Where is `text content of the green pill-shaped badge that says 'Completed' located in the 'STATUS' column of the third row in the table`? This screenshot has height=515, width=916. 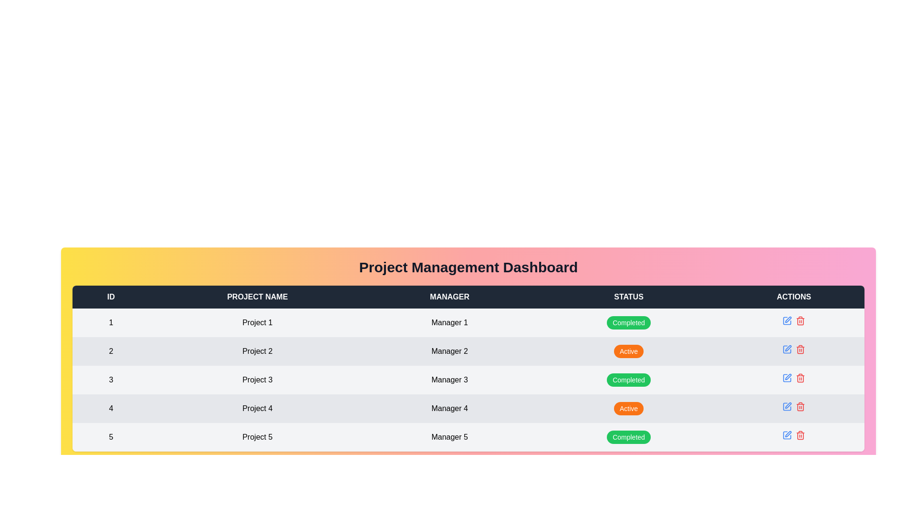
text content of the green pill-shaped badge that says 'Completed' located in the 'STATUS' column of the third row in the table is located at coordinates (629, 380).